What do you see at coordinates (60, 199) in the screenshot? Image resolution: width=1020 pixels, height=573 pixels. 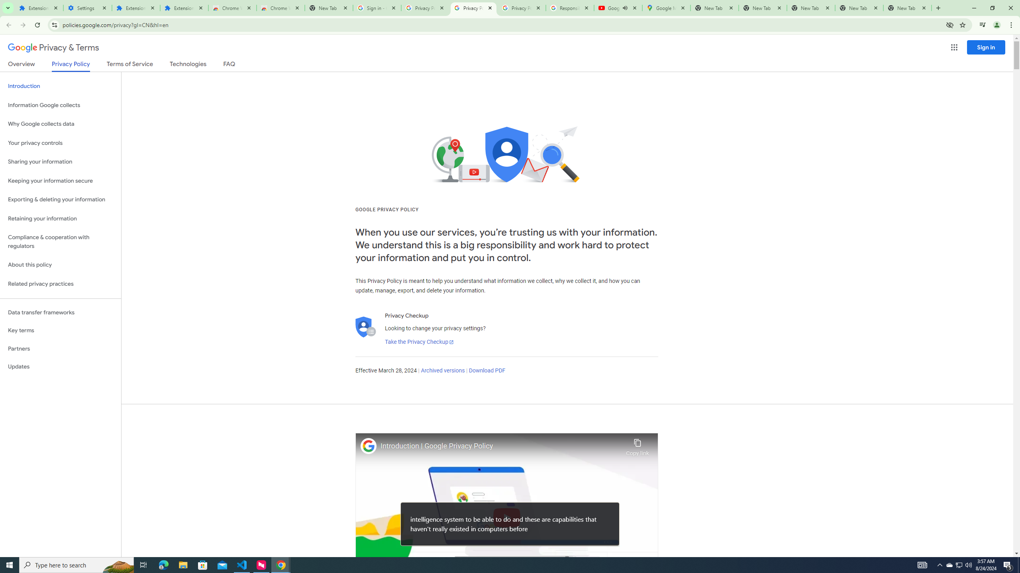 I see `'Exporting & deleting your information'` at bounding box center [60, 199].